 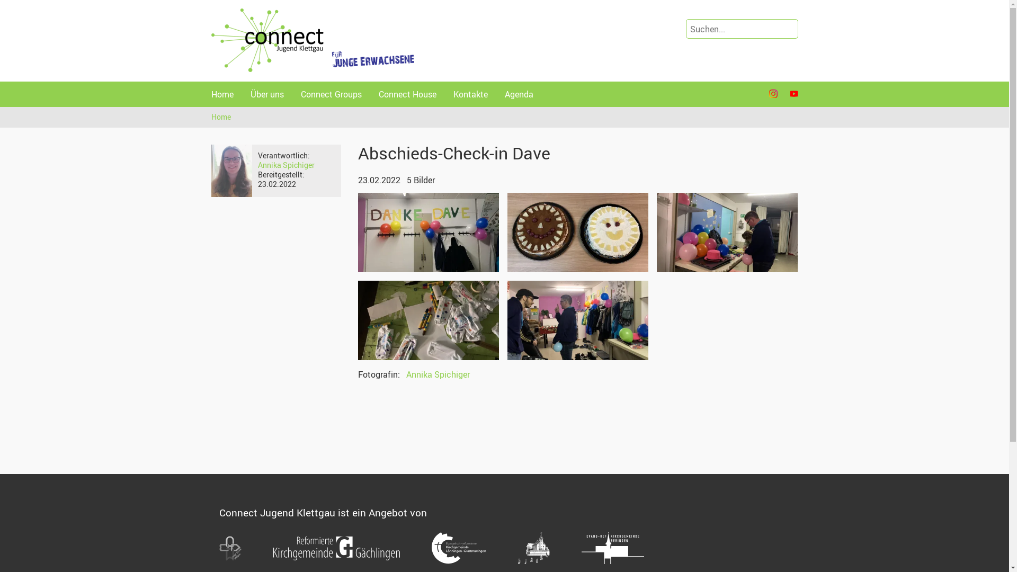 I want to click on 'Home', so click(x=221, y=117).